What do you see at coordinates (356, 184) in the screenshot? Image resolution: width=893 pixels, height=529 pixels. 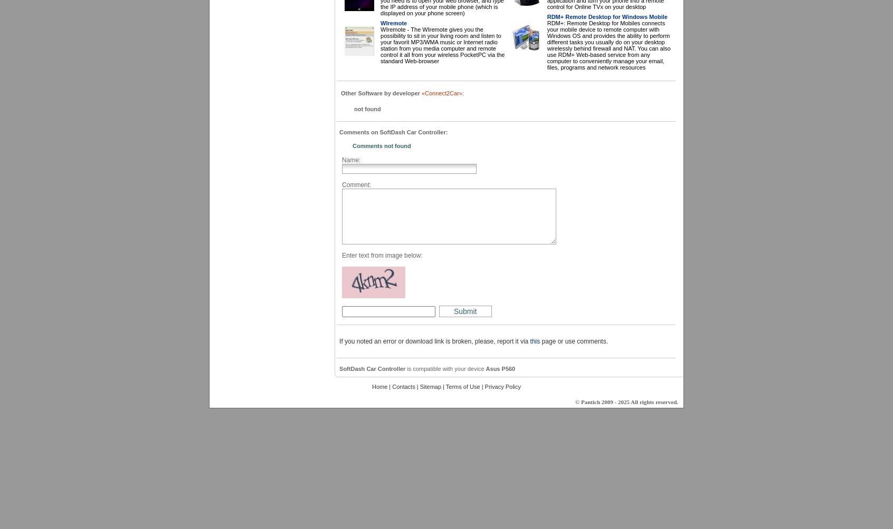 I see `'Comment:'` at bounding box center [356, 184].